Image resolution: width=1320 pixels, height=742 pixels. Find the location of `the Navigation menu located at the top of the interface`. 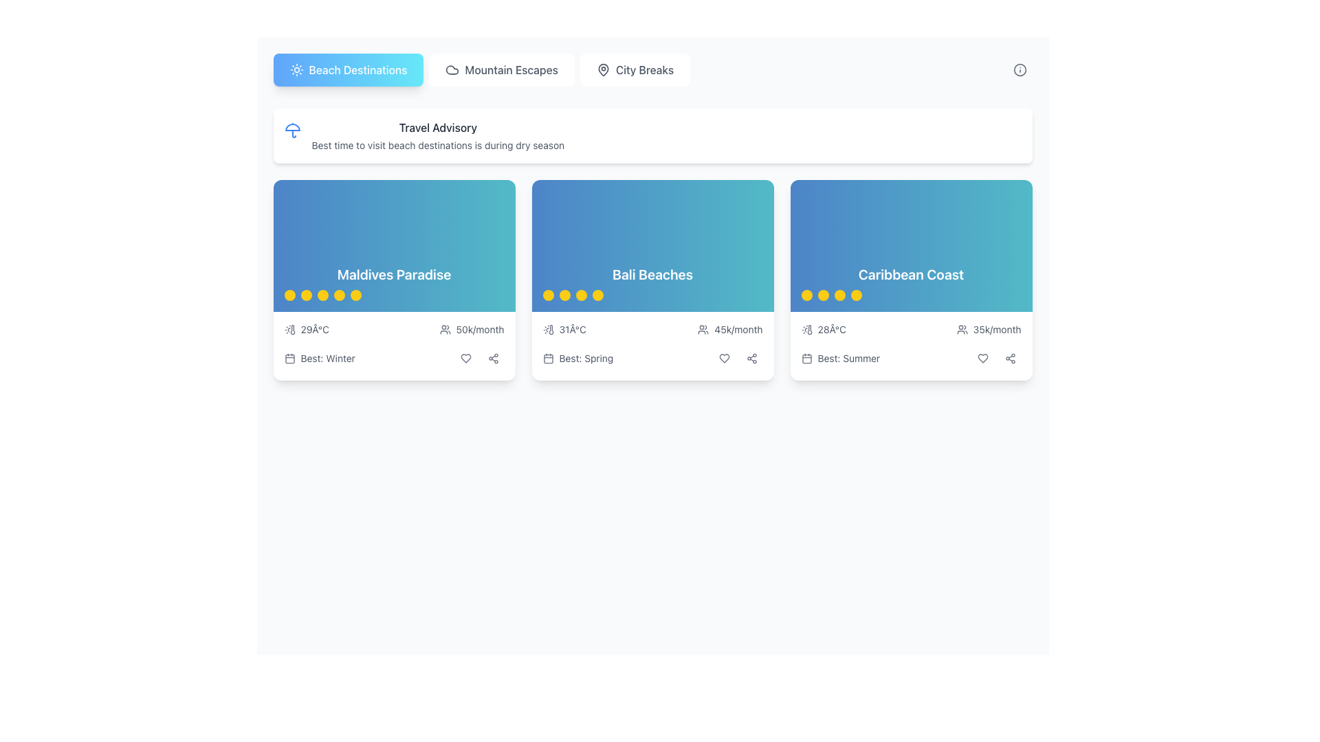

the Navigation menu located at the top of the interface is located at coordinates (652, 69).